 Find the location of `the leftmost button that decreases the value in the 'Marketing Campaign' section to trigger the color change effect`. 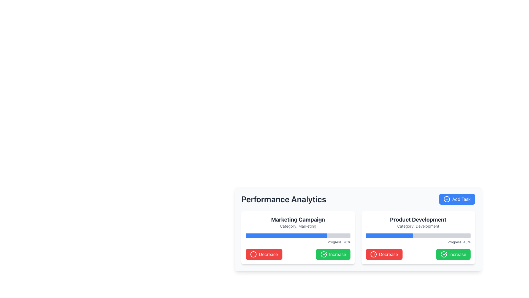

the leftmost button that decreases the value in the 'Marketing Campaign' section to trigger the color change effect is located at coordinates (264, 254).